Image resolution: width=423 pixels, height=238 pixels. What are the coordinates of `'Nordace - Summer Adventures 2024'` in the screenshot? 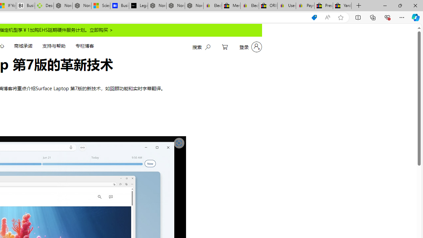 It's located at (63, 6).